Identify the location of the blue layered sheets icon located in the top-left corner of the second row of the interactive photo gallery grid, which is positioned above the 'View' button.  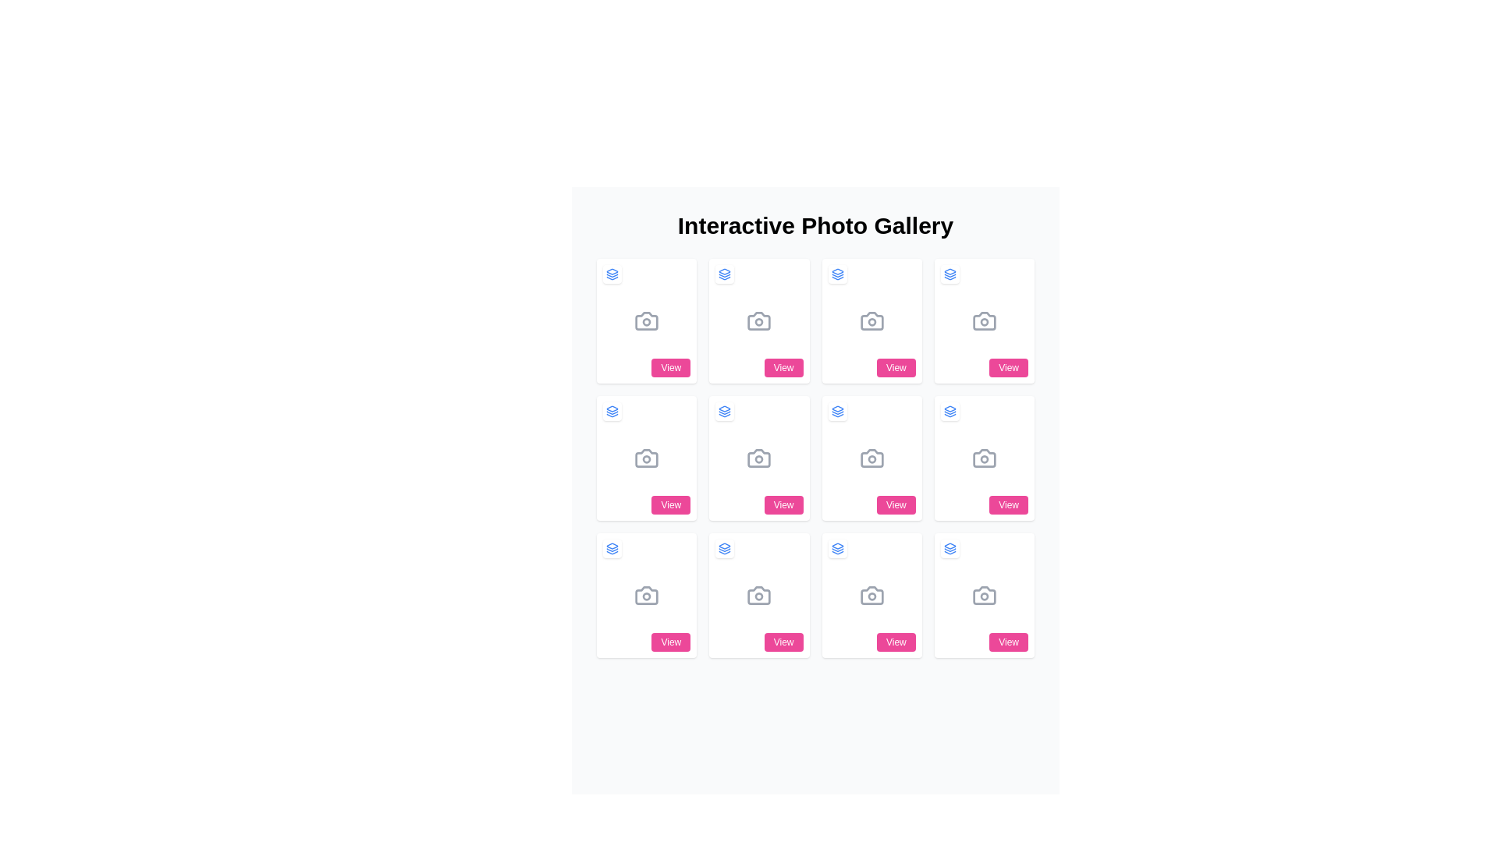
(612, 411).